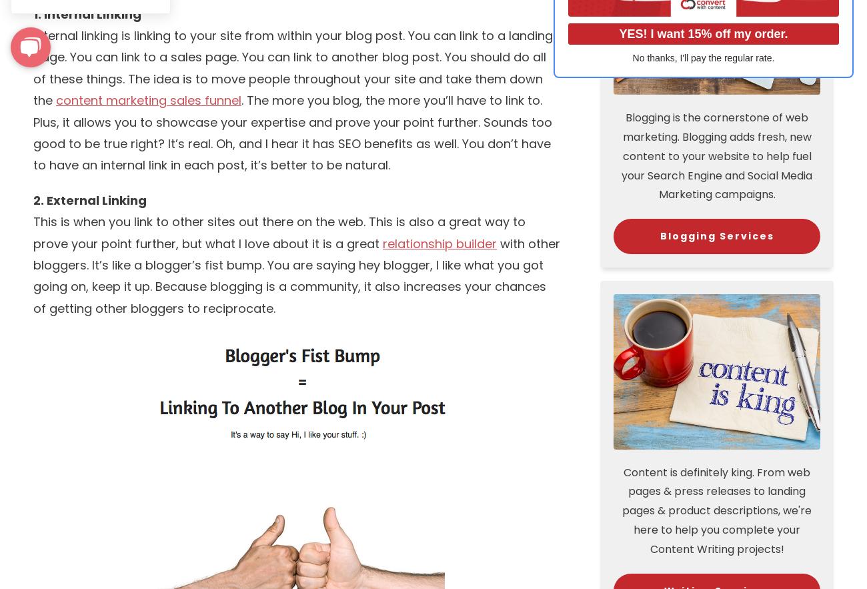 The image size is (867, 589). Describe the element at coordinates (279, 232) in the screenshot. I see `'This is when you link to other sites out there on the web. This is also a great way to prove your point further, but what I love about it is a great'` at that location.